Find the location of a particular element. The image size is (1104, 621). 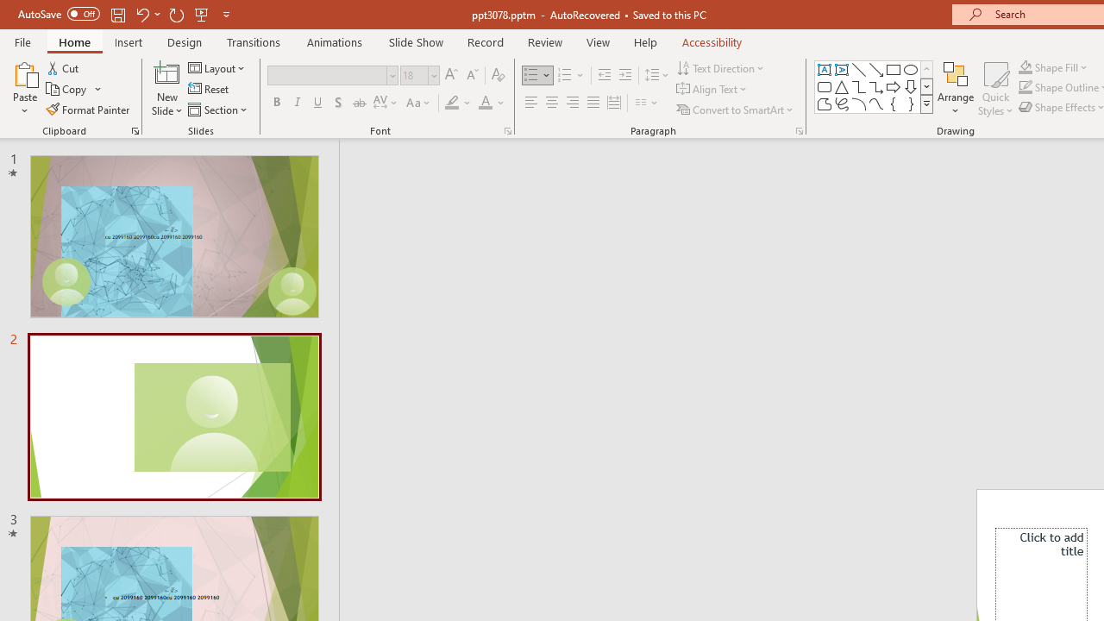

'Row up' is located at coordinates (925, 68).